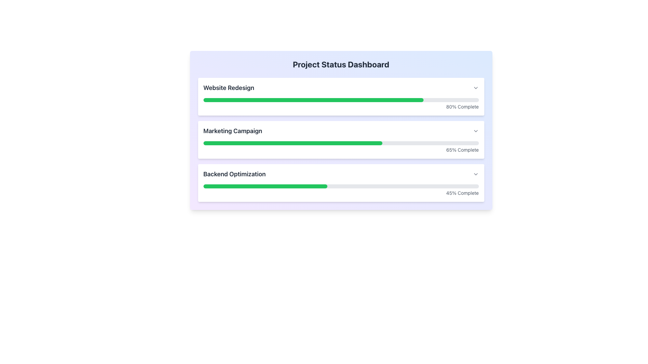  I want to click on the progress bar indicating 80% completion located within the 'Website Redesign' card on the 'Project Status Dashboard', so click(341, 100).